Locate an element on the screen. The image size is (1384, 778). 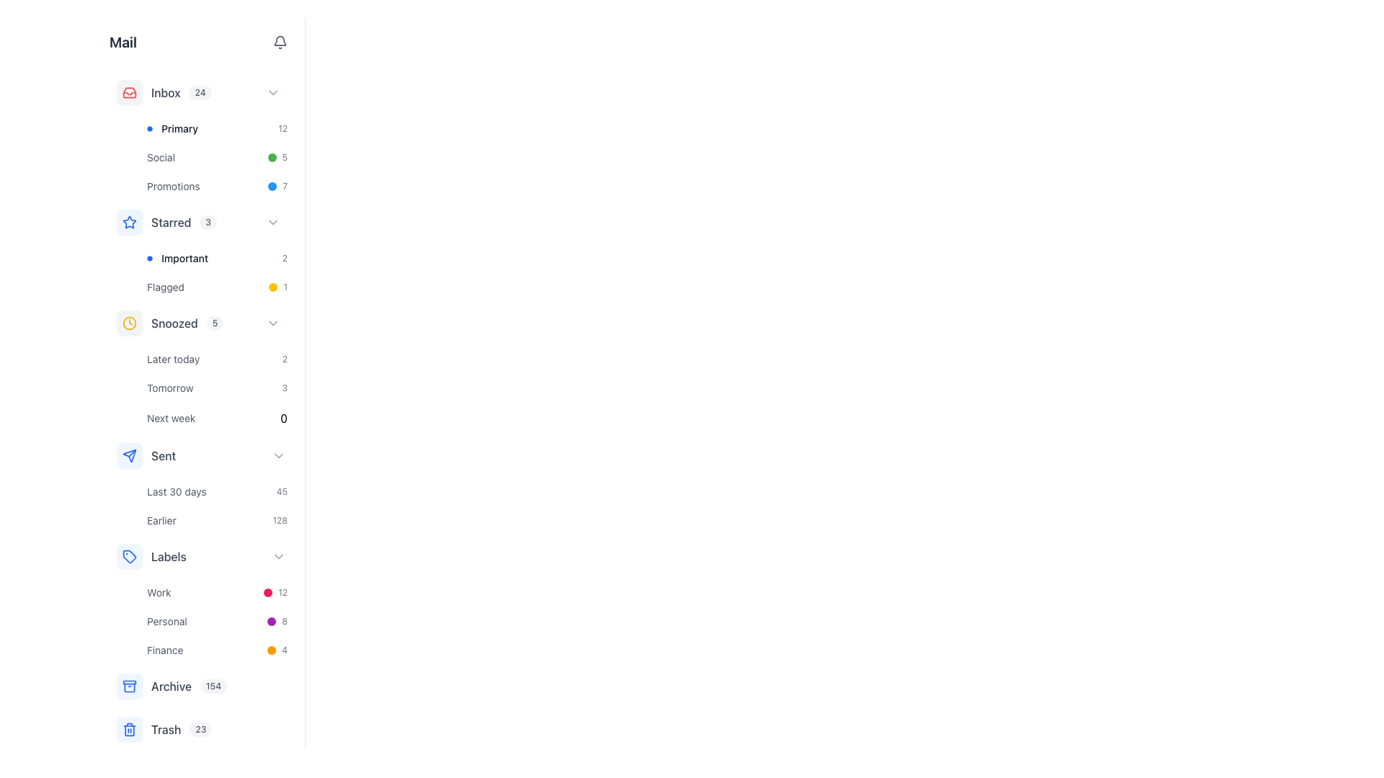
the circular clock icon with a yellow outline, located in the vertical navigation menu to the left of the 'Snoozed' label and number '5' is located at coordinates (130, 322).